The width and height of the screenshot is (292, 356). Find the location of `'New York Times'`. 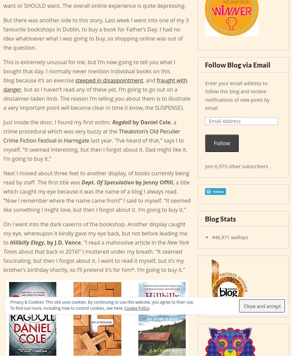

'New York Times' is located at coordinates (96, 246).